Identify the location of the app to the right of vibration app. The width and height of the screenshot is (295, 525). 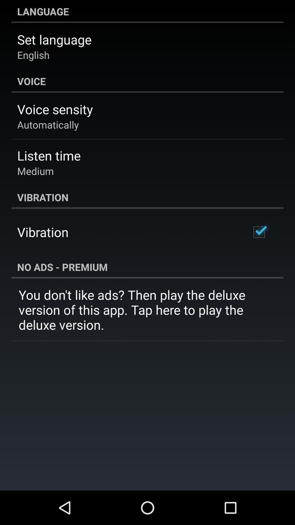
(259, 232).